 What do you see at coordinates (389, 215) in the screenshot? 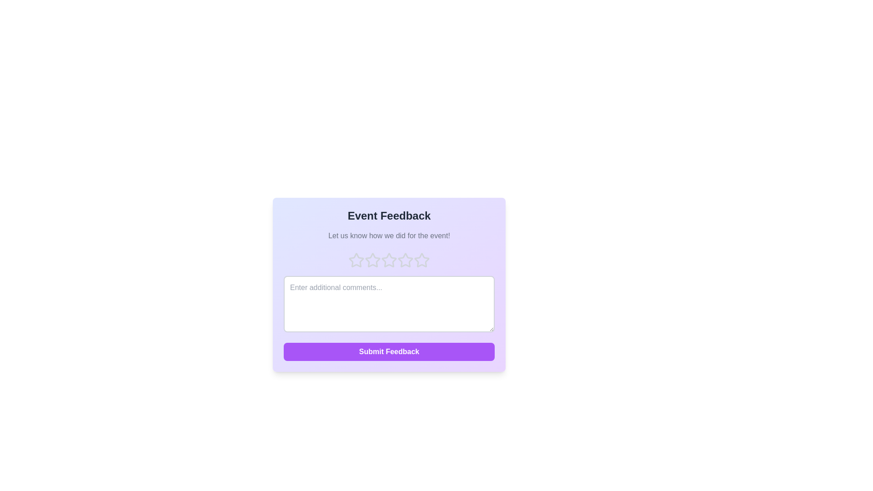
I see `the Text Header that labels the feedback collection section for events, which is centrally aligned in the card-like component` at bounding box center [389, 215].